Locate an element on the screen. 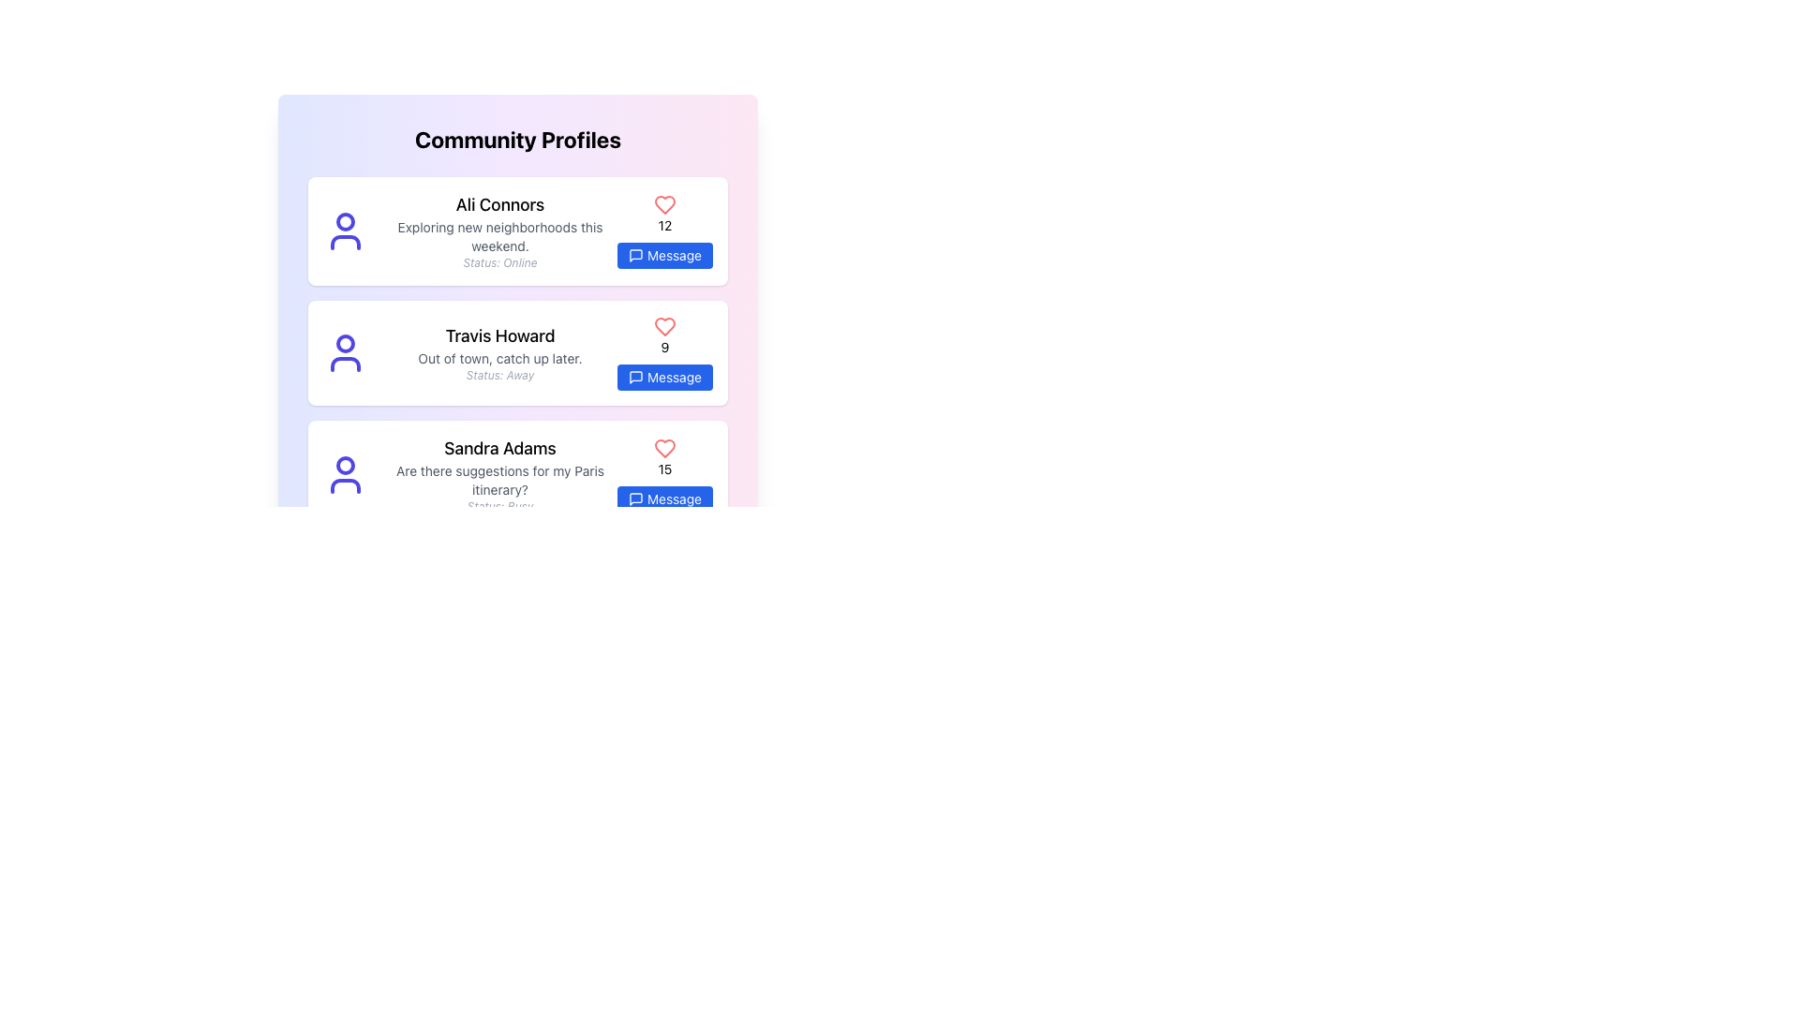 The image size is (1799, 1012). the static text displaying the count of likes or favorites associated with the user profile, which is positioned below the heart icon and above the 'Message' button is located at coordinates (665, 469).